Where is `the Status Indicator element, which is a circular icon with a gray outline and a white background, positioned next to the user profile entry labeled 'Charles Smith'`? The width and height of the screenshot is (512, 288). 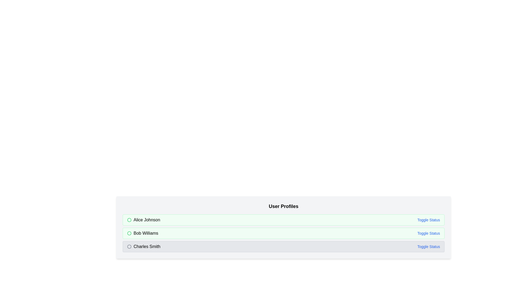
the Status Indicator element, which is a circular icon with a gray outline and a white background, positioned next to the user profile entry labeled 'Charles Smith' is located at coordinates (129, 247).